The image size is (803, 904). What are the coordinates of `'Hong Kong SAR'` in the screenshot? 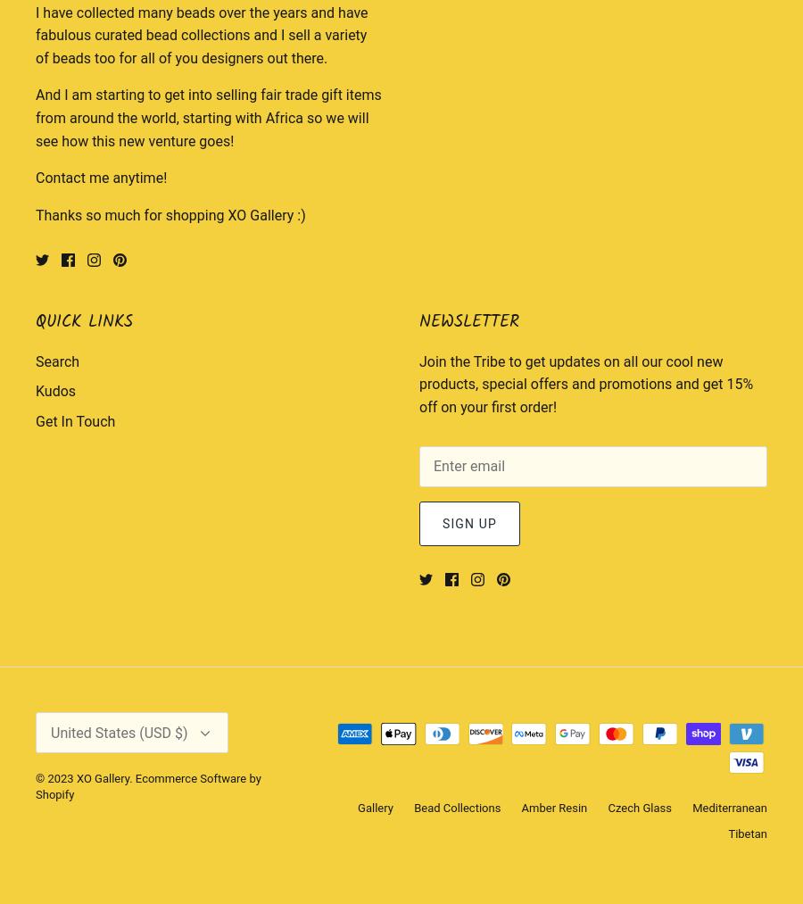 It's located at (595, 450).